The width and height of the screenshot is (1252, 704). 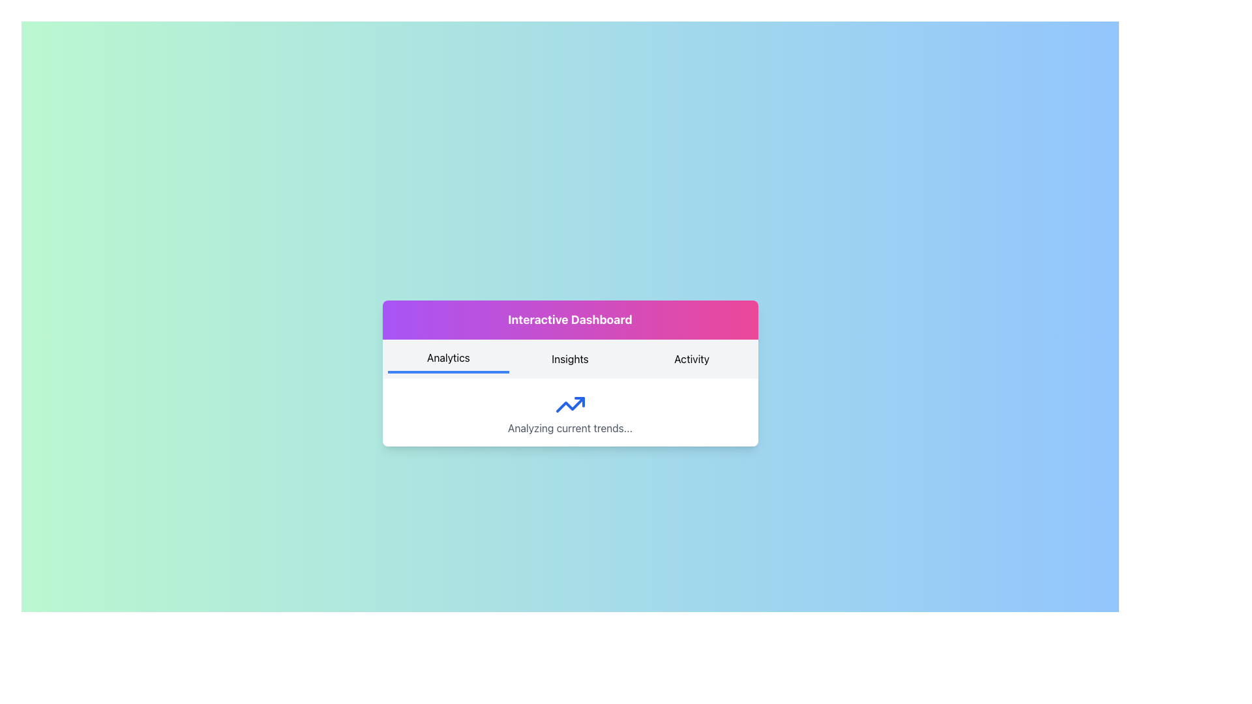 What do you see at coordinates (570, 319) in the screenshot?
I see `the Static header bar labeled 'Interactive Dashboard', which features bold white text on a gradient background transitioning from purple to pink` at bounding box center [570, 319].